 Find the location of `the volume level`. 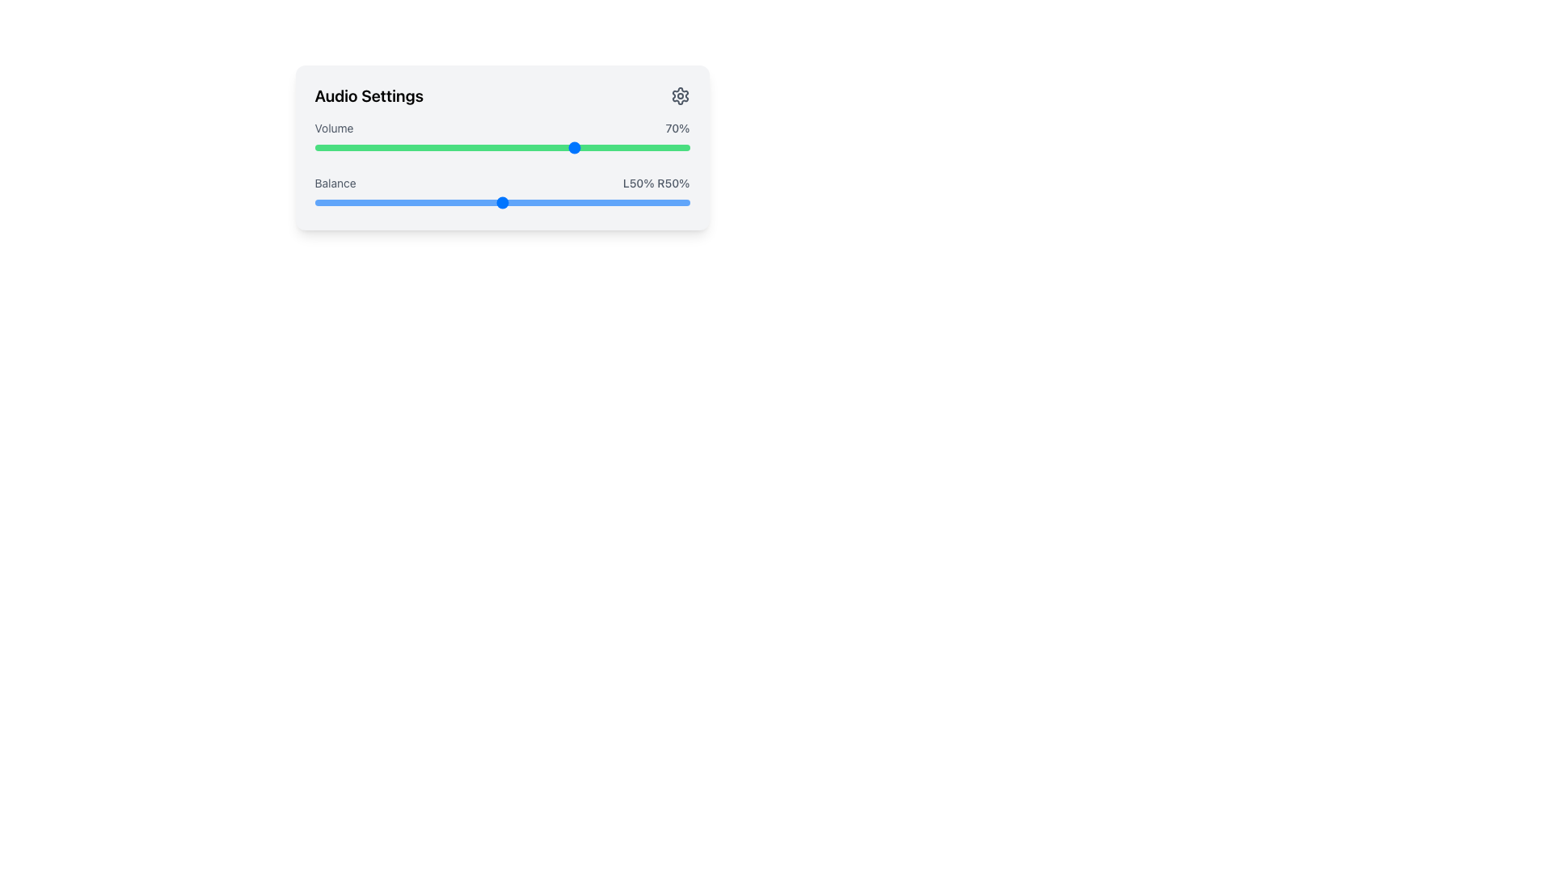

the volume level is located at coordinates (599, 147).